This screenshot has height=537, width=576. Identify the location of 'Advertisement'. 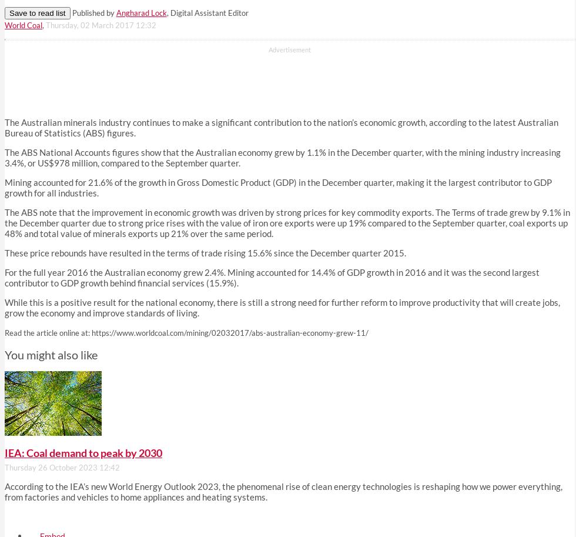
(268, 50).